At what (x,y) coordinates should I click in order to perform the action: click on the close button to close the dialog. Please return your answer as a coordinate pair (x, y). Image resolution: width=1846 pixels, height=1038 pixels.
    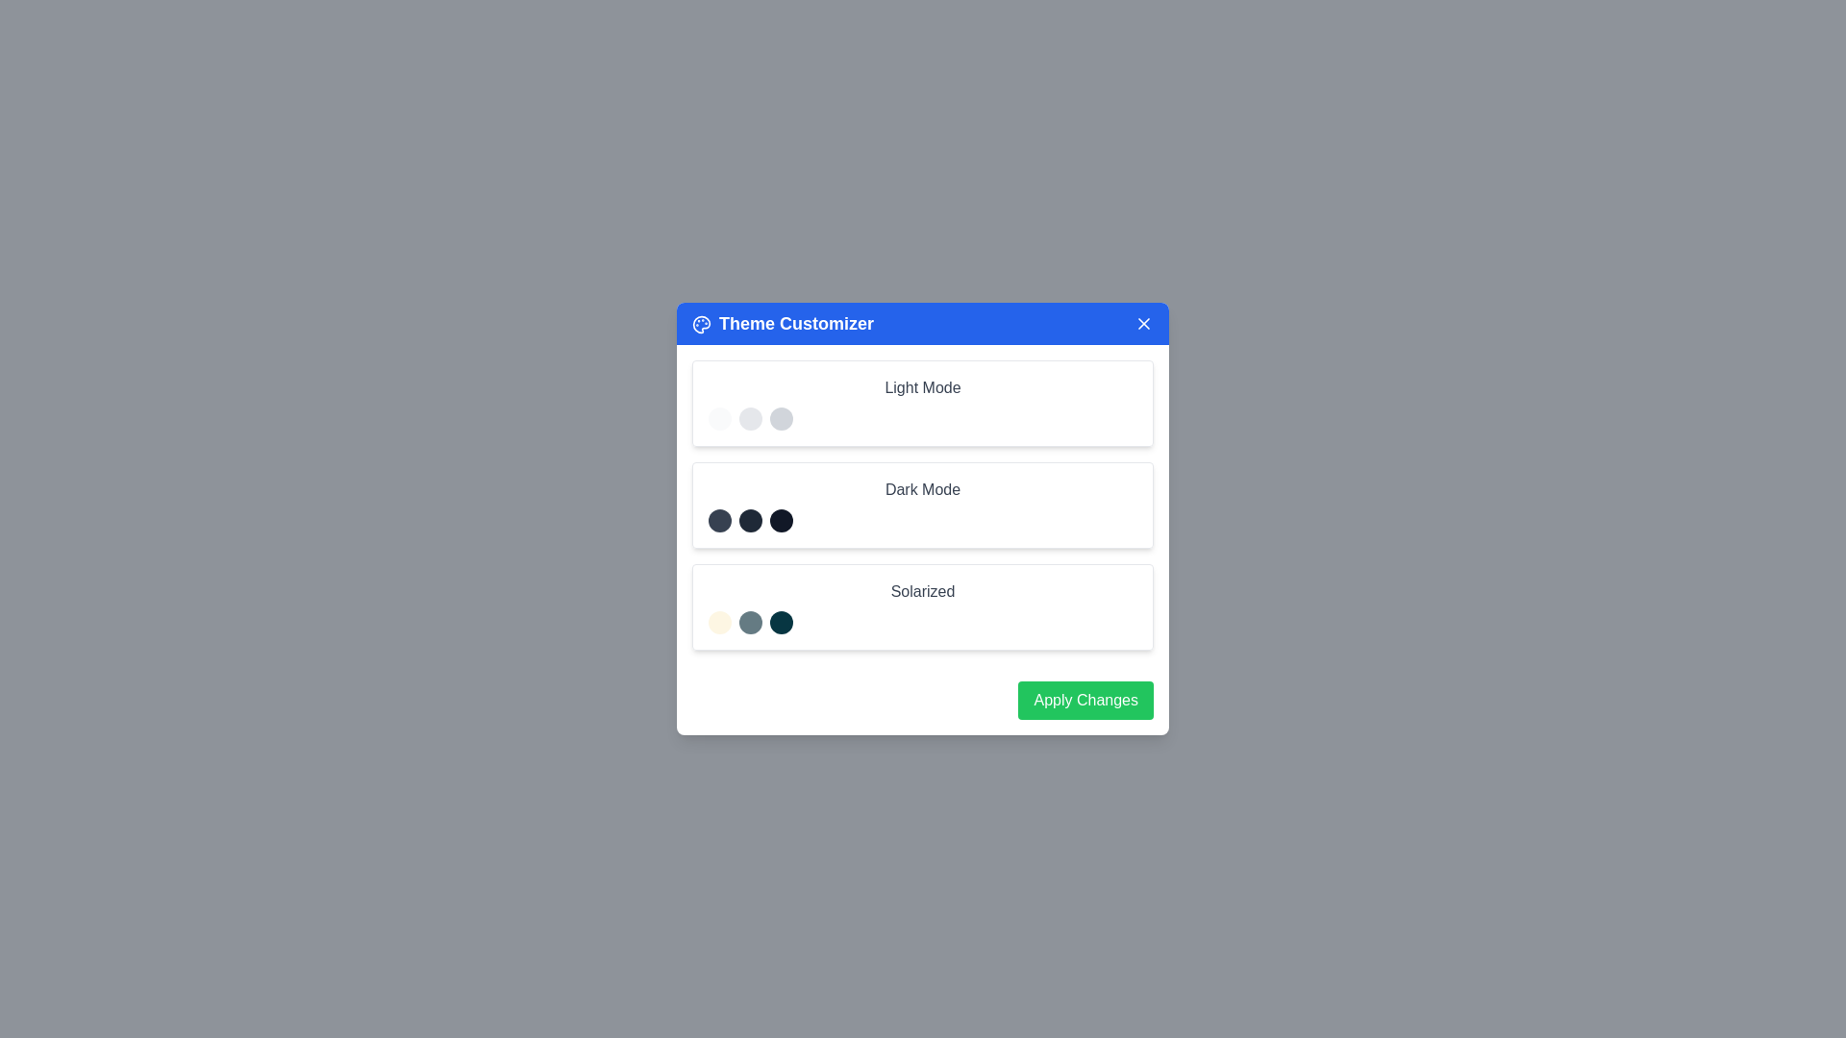
    Looking at the image, I should click on (1144, 322).